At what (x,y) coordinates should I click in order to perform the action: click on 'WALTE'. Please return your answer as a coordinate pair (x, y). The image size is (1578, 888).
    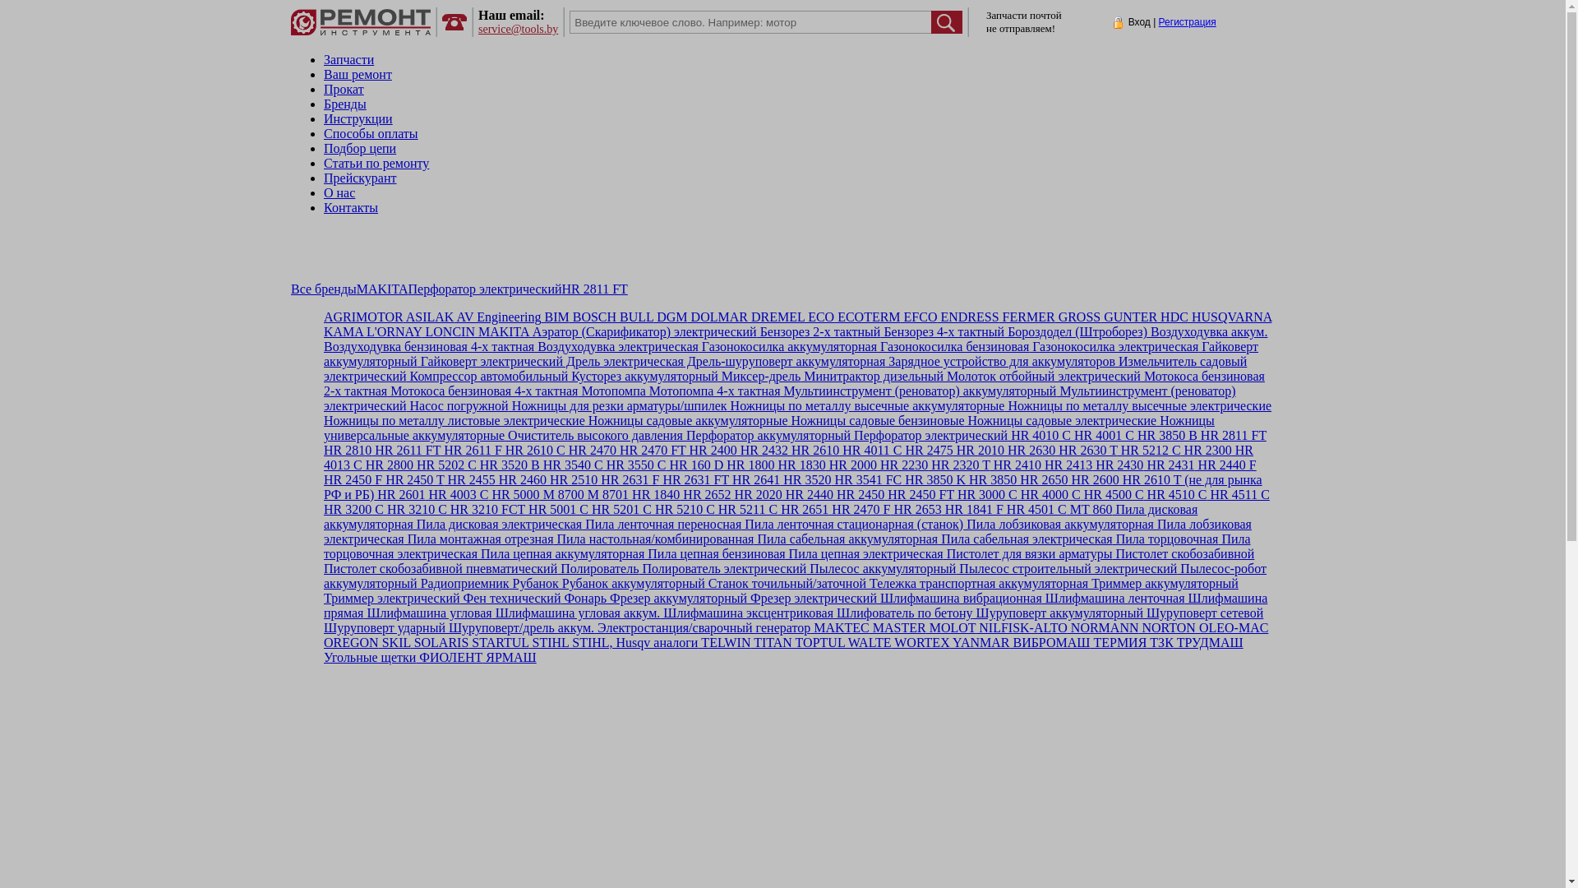
    Looking at the image, I should click on (867, 641).